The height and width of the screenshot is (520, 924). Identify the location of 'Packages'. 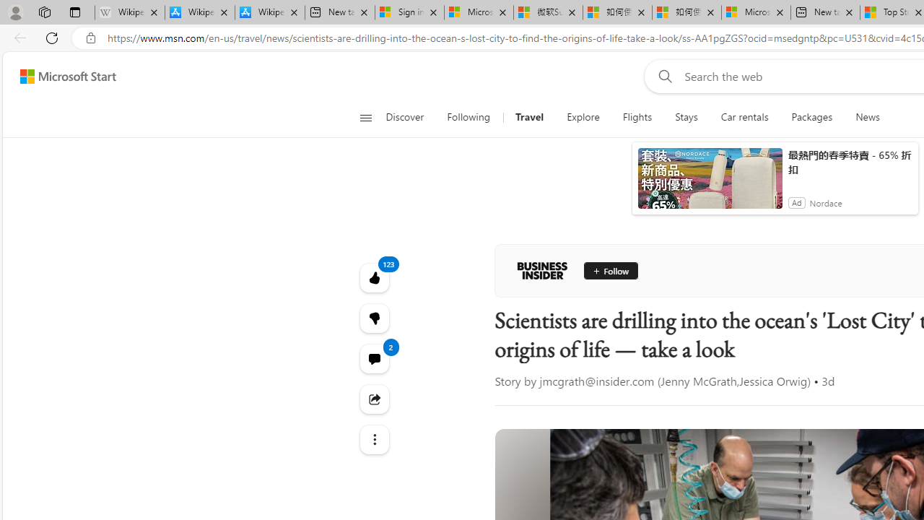
(812, 117).